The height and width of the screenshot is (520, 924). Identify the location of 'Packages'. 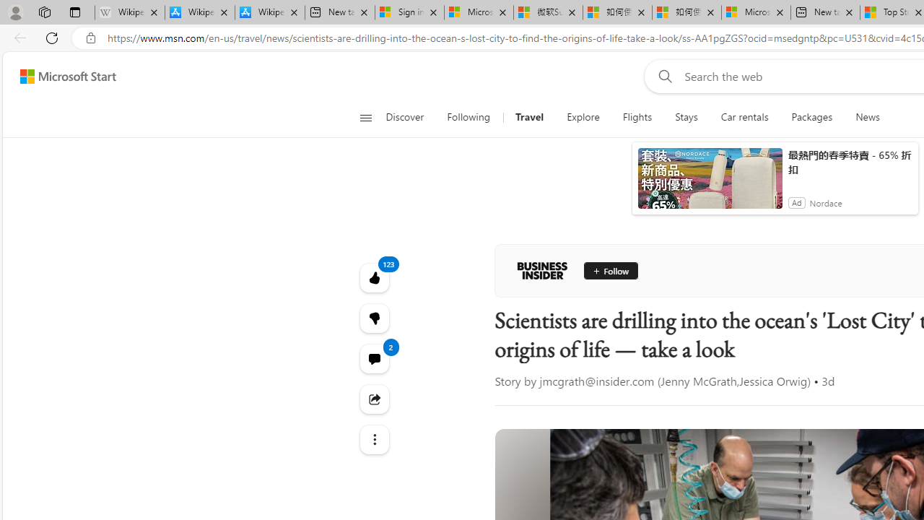
(812, 117).